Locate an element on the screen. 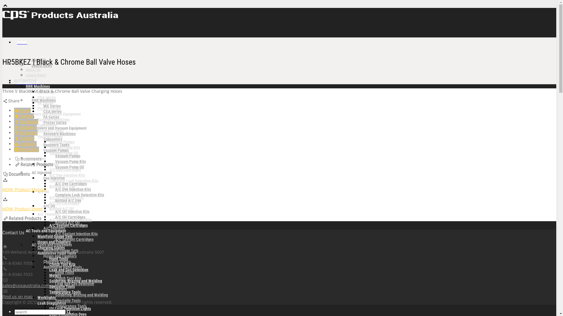  'Temperature Tools' is located at coordinates (49, 292).